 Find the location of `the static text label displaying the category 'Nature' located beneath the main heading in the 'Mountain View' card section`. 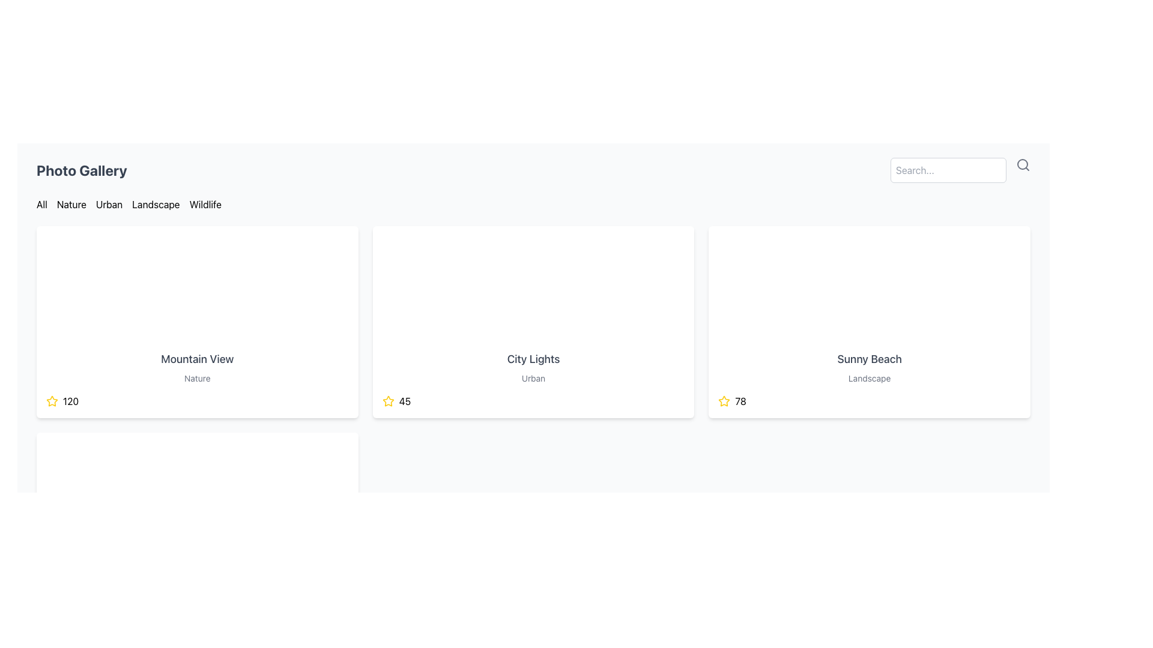

the static text label displaying the category 'Nature' located beneath the main heading in the 'Mountain View' card section is located at coordinates (197, 379).